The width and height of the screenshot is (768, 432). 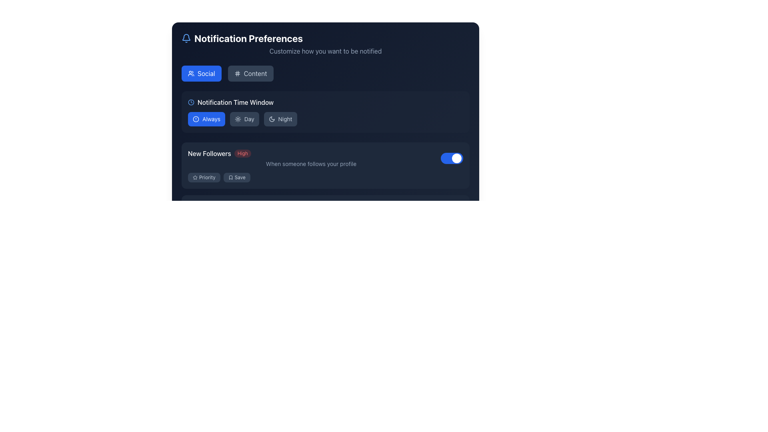 What do you see at coordinates (237, 119) in the screenshot?
I see `the 'Day' icon in the notification time settings, which is located to the left of the text 'Day' within the buttons labeled 'Always,' 'Day,' and 'Night.'` at bounding box center [237, 119].